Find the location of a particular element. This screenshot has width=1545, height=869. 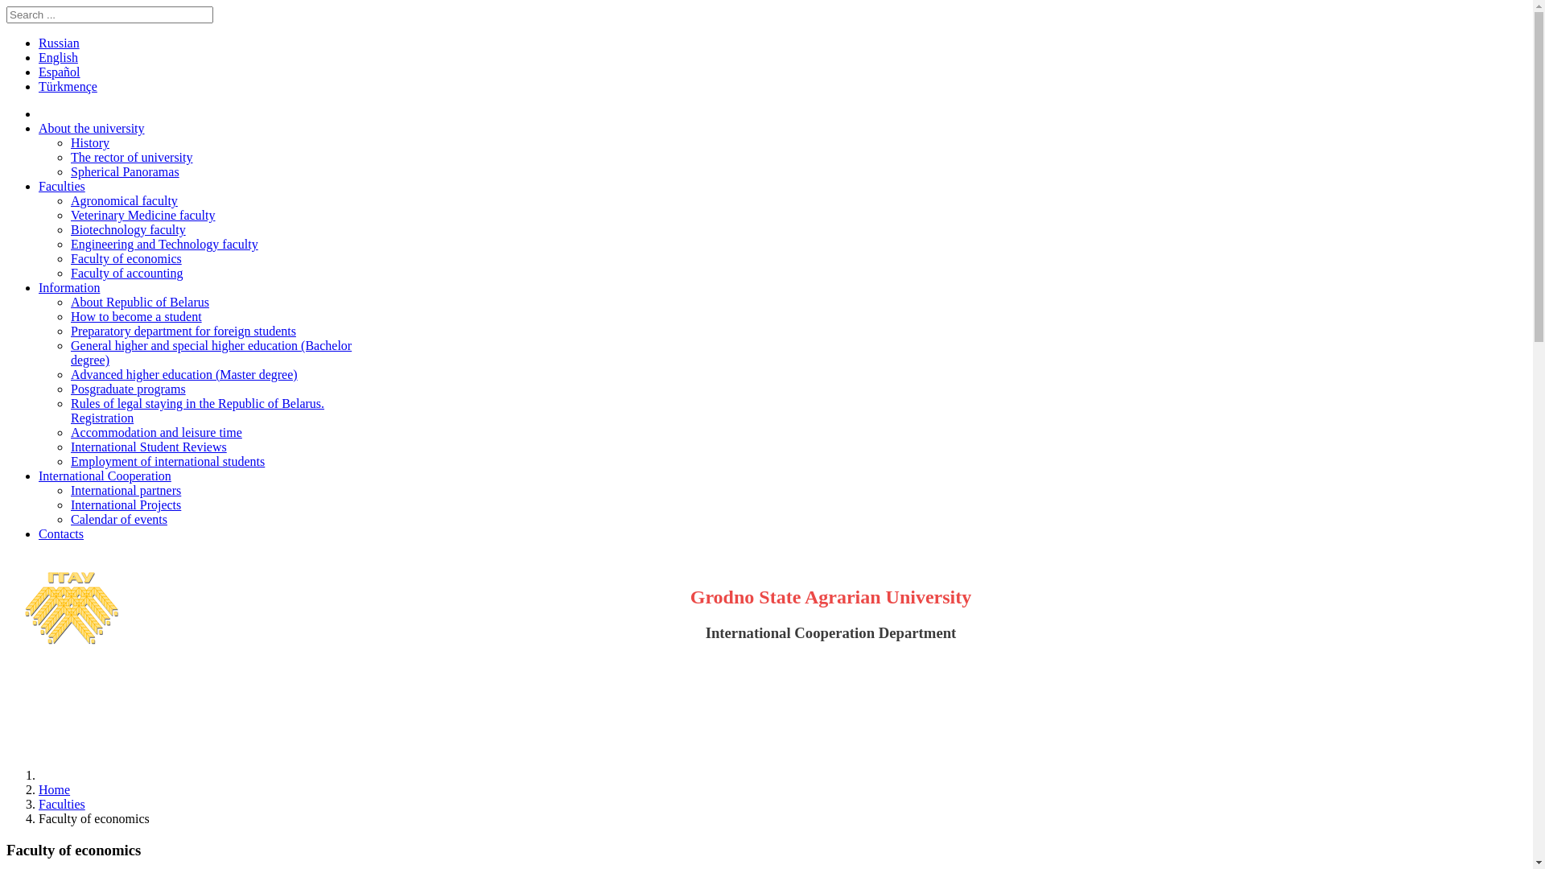

'Russian' is located at coordinates (59, 42).